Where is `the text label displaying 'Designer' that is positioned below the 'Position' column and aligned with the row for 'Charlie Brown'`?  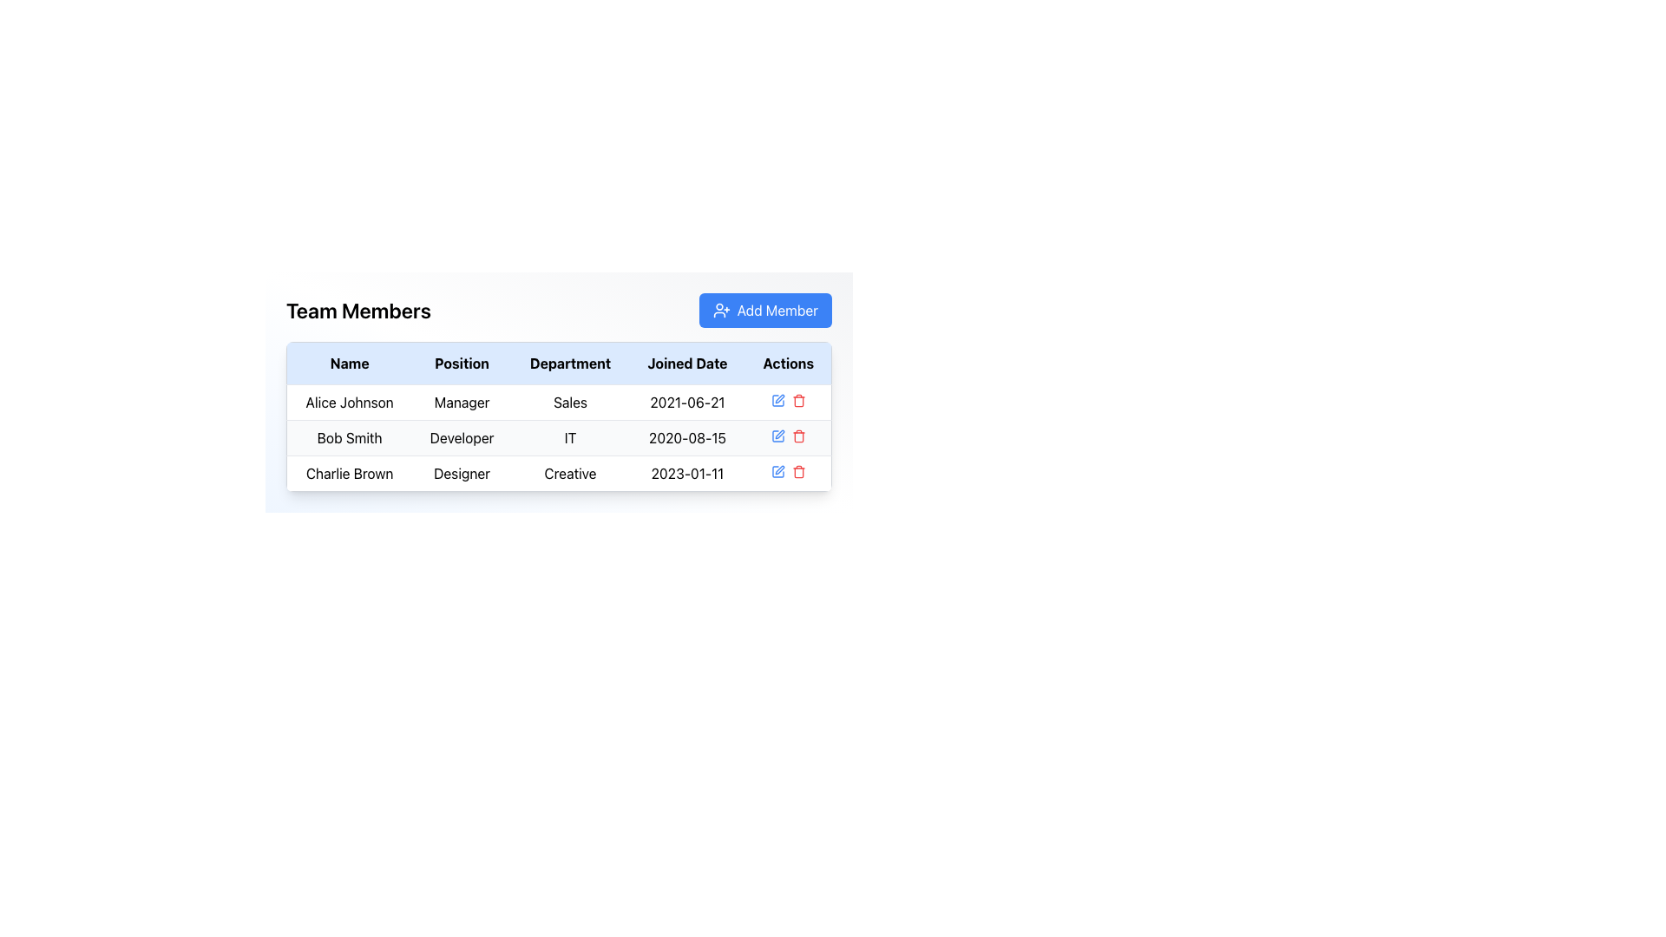 the text label displaying 'Designer' that is positioned below the 'Position' column and aligned with the row for 'Charlie Brown' is located at coordinates (462, 474).